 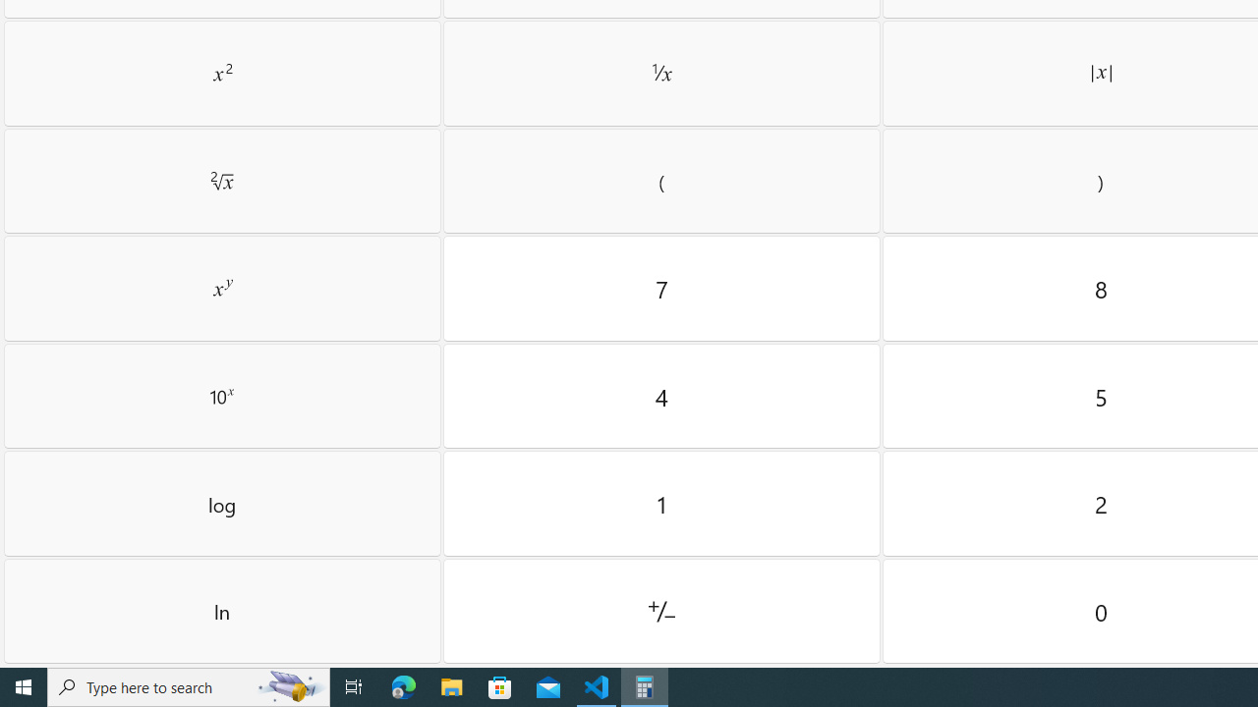 I want to click on 'Type here to search', so click(x=189, y=685).